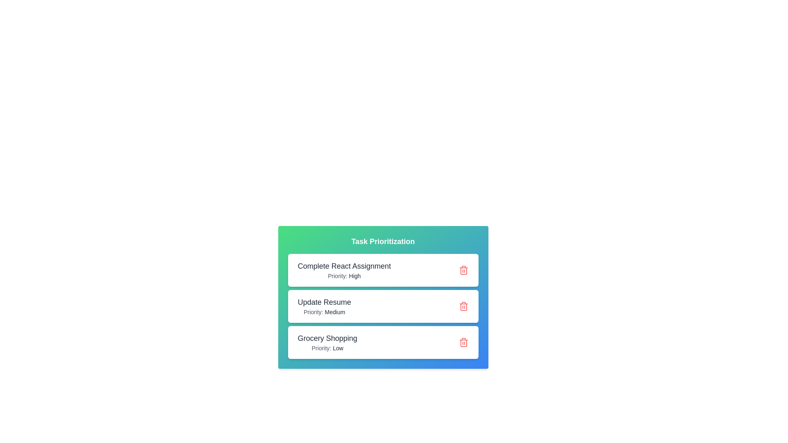 This screenshot has height=443, width=788. Describe the element at coordinates (463, 342) in the screenshot. I see `the delete button for the task identified by Grocery Shopping` at that location.